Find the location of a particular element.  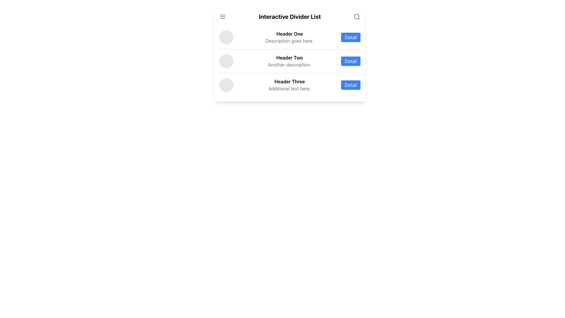

the button located on the right side of the 'Header Two' section is located at coordinates (351, 61).